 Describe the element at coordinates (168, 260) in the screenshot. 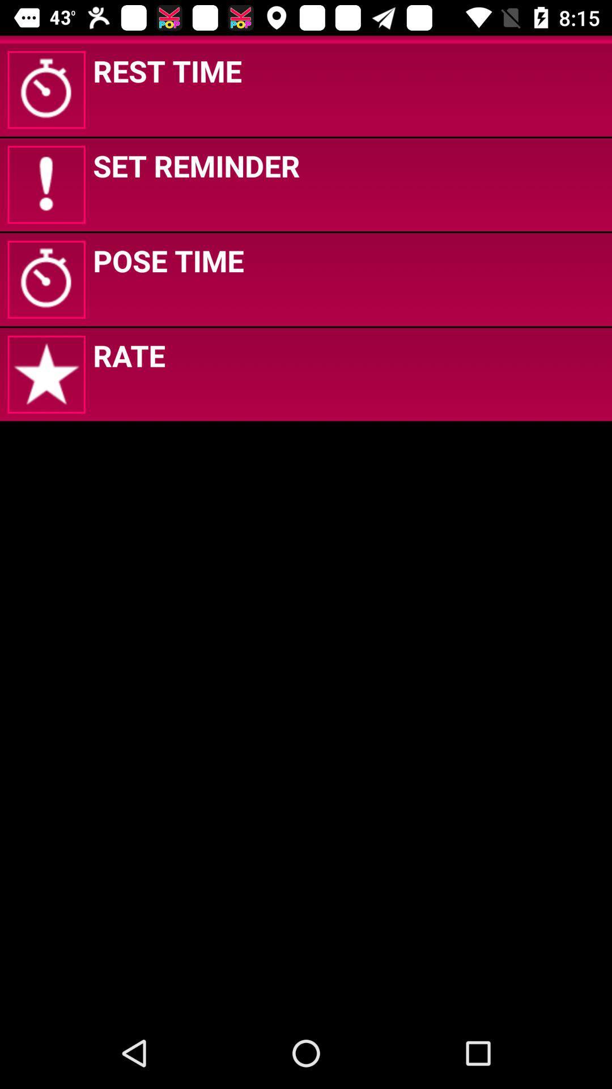

I see `icon below the set reminder app` at that location.